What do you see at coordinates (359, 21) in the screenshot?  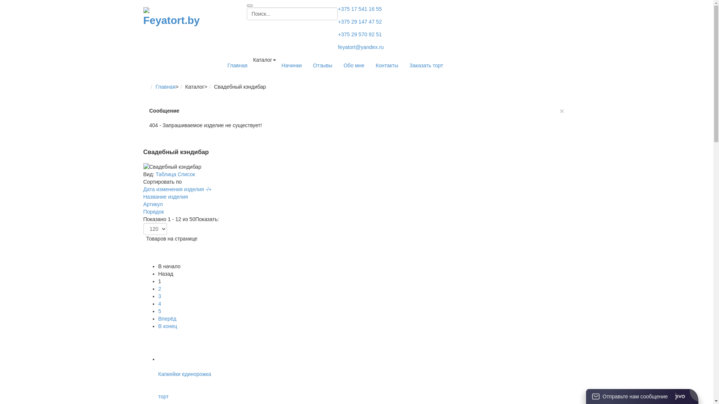 I see `'+375 29 147 47 52'` at bounding box center [359, 21].